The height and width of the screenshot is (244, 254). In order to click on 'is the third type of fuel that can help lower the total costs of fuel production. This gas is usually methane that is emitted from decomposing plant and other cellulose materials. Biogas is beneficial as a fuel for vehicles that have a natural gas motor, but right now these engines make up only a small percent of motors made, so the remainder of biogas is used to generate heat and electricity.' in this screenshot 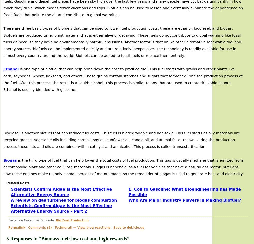, I will do `click(123, 167)`.